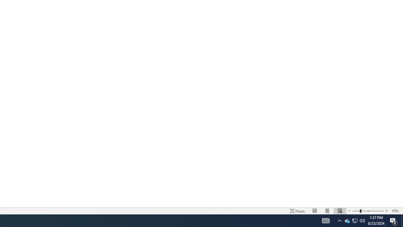 This screenshot has width=403, height=227. Describe the element at coordinates (386, 211) in the screenshot. I see `'Zoom In'` at that location.